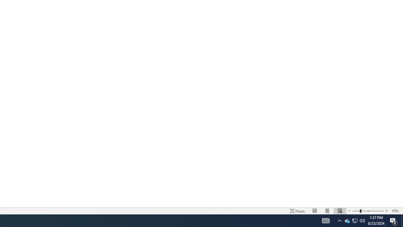 This screenshot has width=403, height=227. Describe the element at coordinates (386, 211) in the screenshot. I see `'Zoom In'` at that location.